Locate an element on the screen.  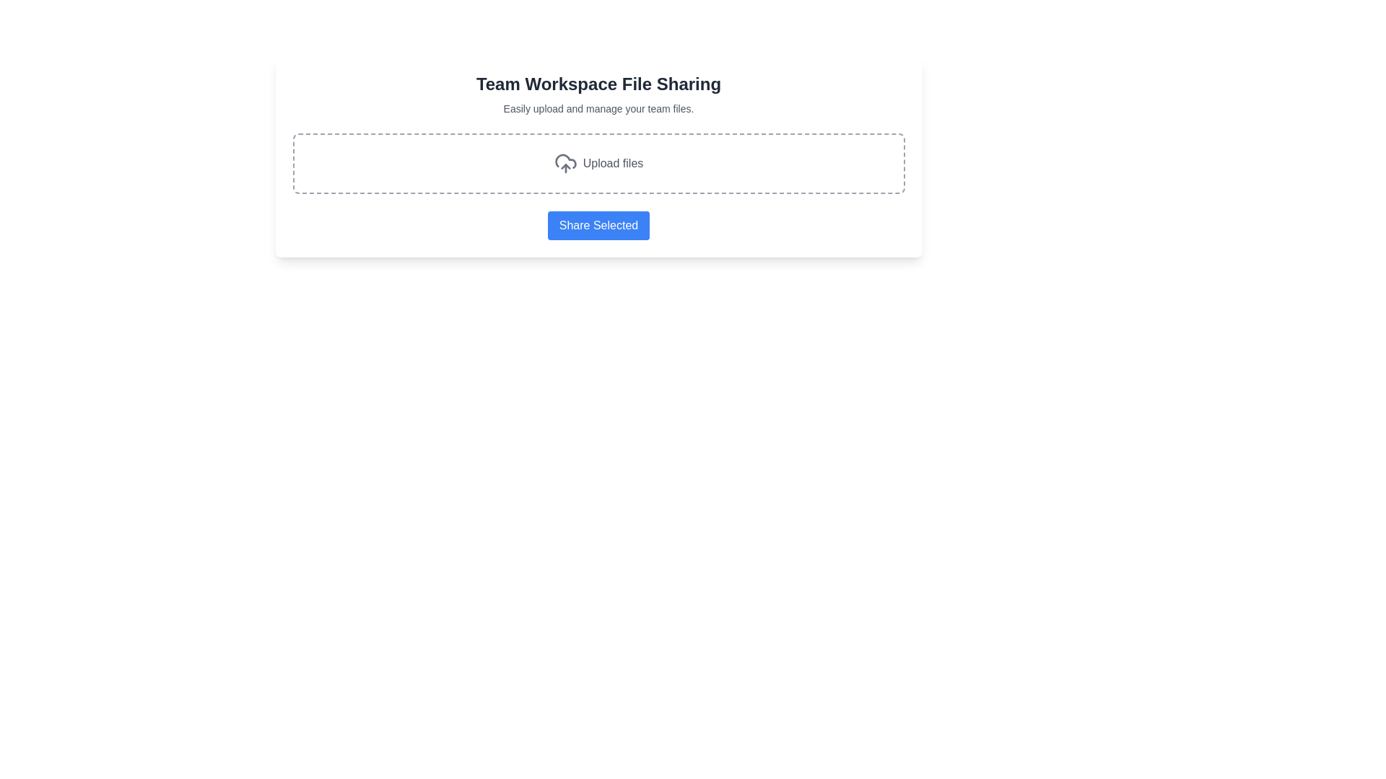
the rectangular button with rounded edges that has a blue background and white text reading 'Share Selected' is located at coordinates (598, 225).